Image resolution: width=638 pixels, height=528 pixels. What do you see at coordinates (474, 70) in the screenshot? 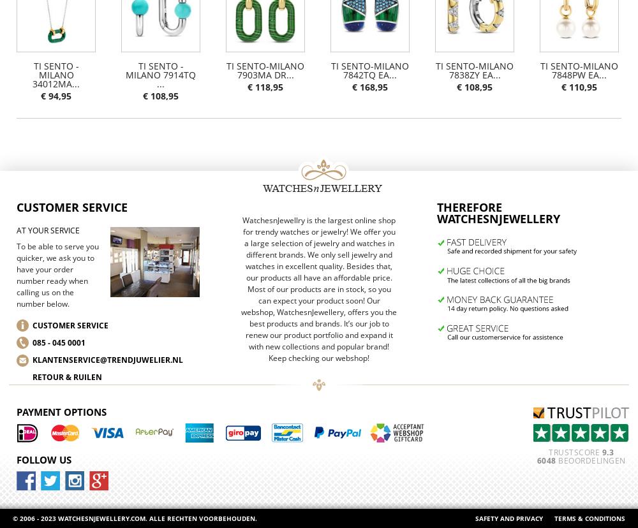
I see `'TI SENTO-Milano 7838ZY Ea...'` at bounding box center [474, 70].